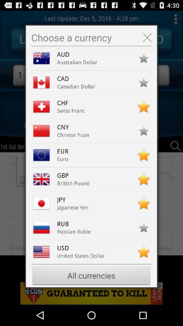 Image resolution: width=183 pixels, height=326 pixels. I want to click on british pound item, so click(73, 183).